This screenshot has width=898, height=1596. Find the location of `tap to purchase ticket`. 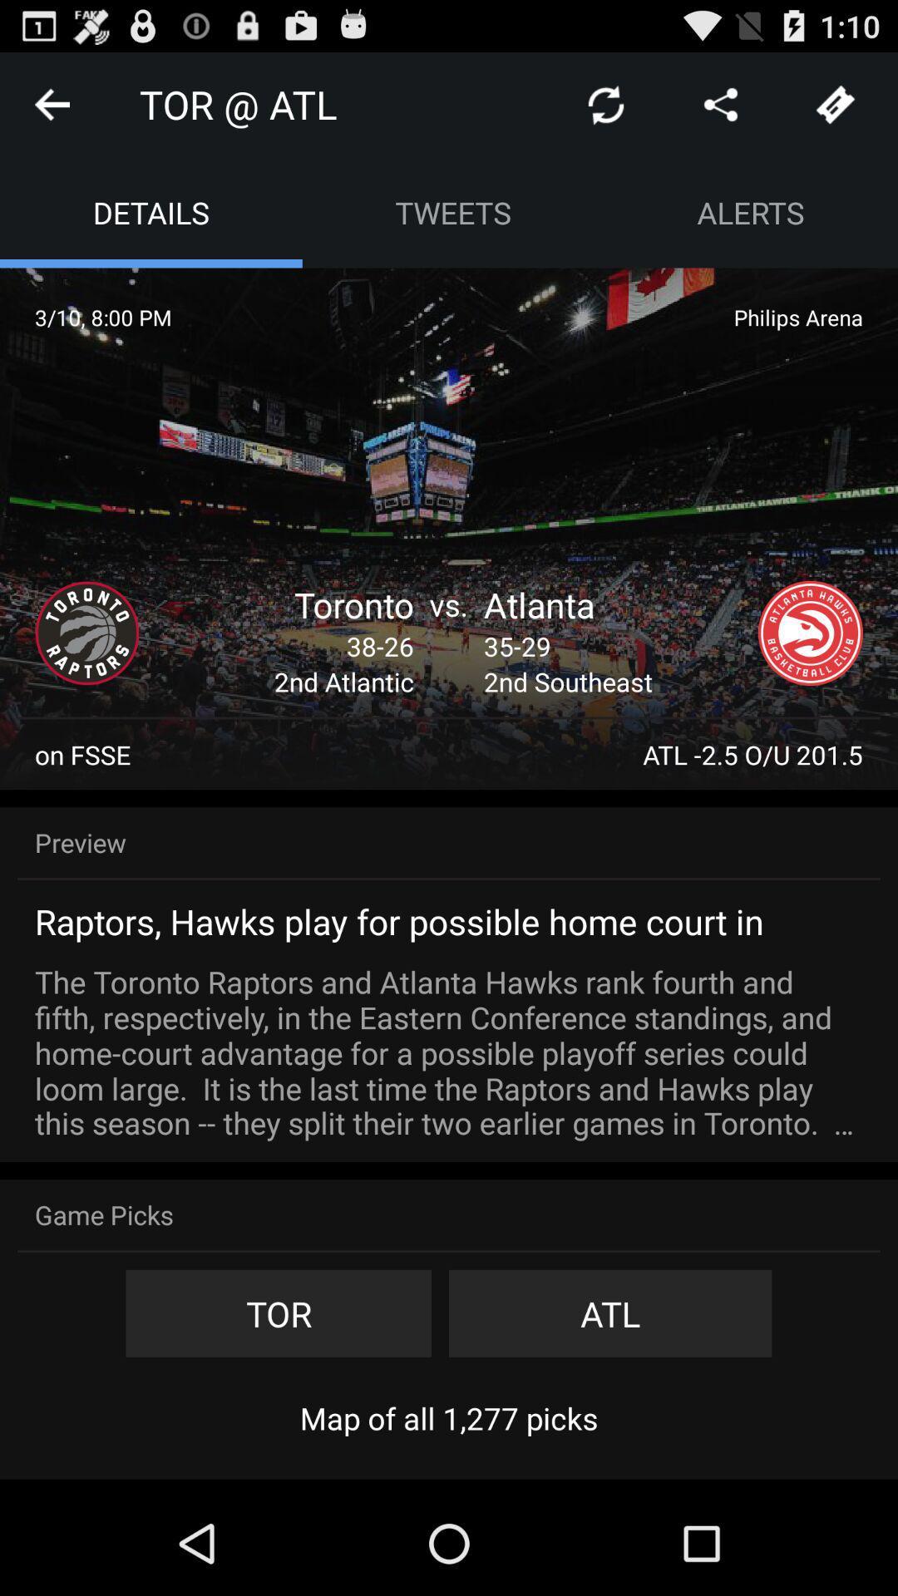

tap to purchase ticket is located at coordinates (836, 103).